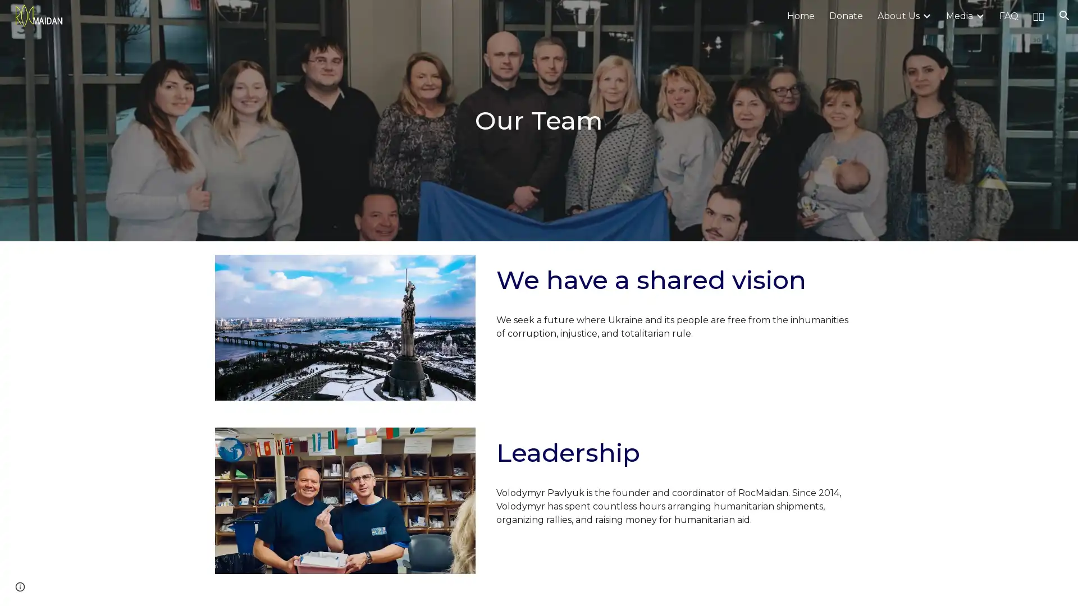  I want to click on Site actions, so click(20, 586).